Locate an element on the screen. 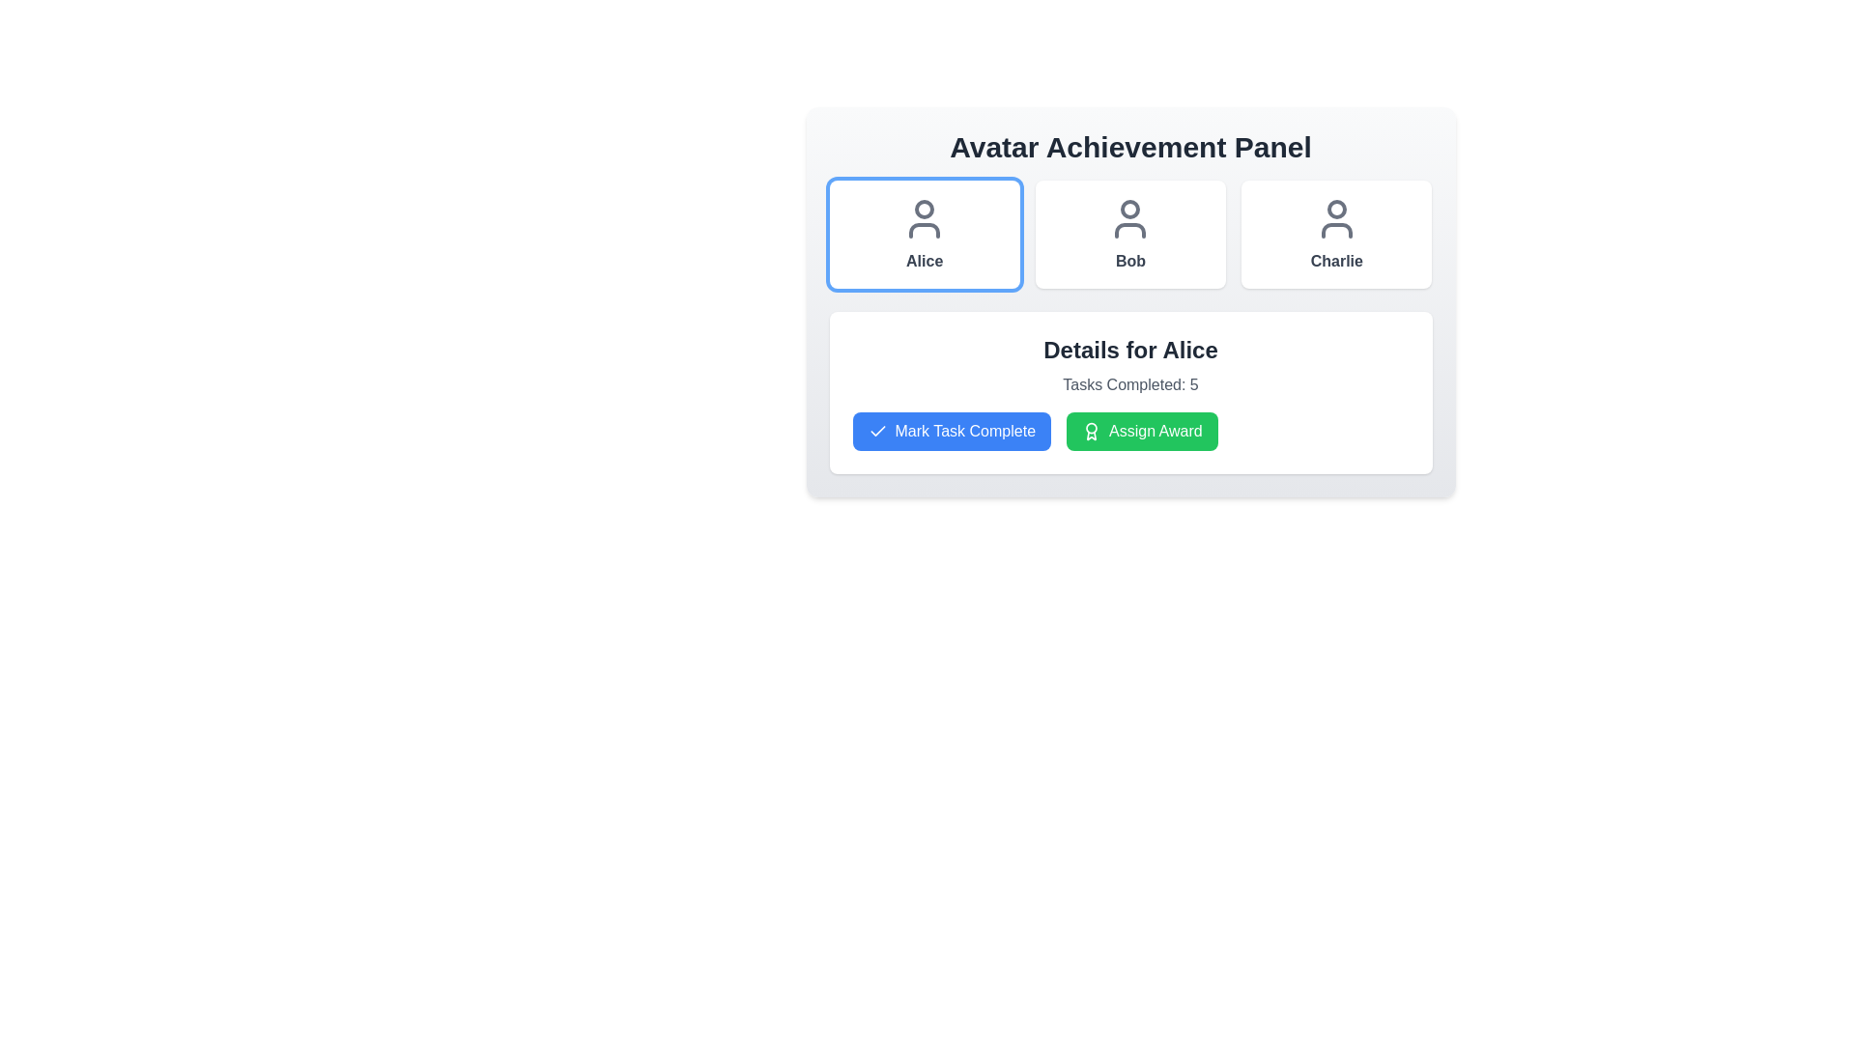 The image size is (1855, 1043). the 'Mark Task Complete' button on the detailed display for user 'Alice' within the Avatar Achievement Panel is located at coordinates (1130, 392).